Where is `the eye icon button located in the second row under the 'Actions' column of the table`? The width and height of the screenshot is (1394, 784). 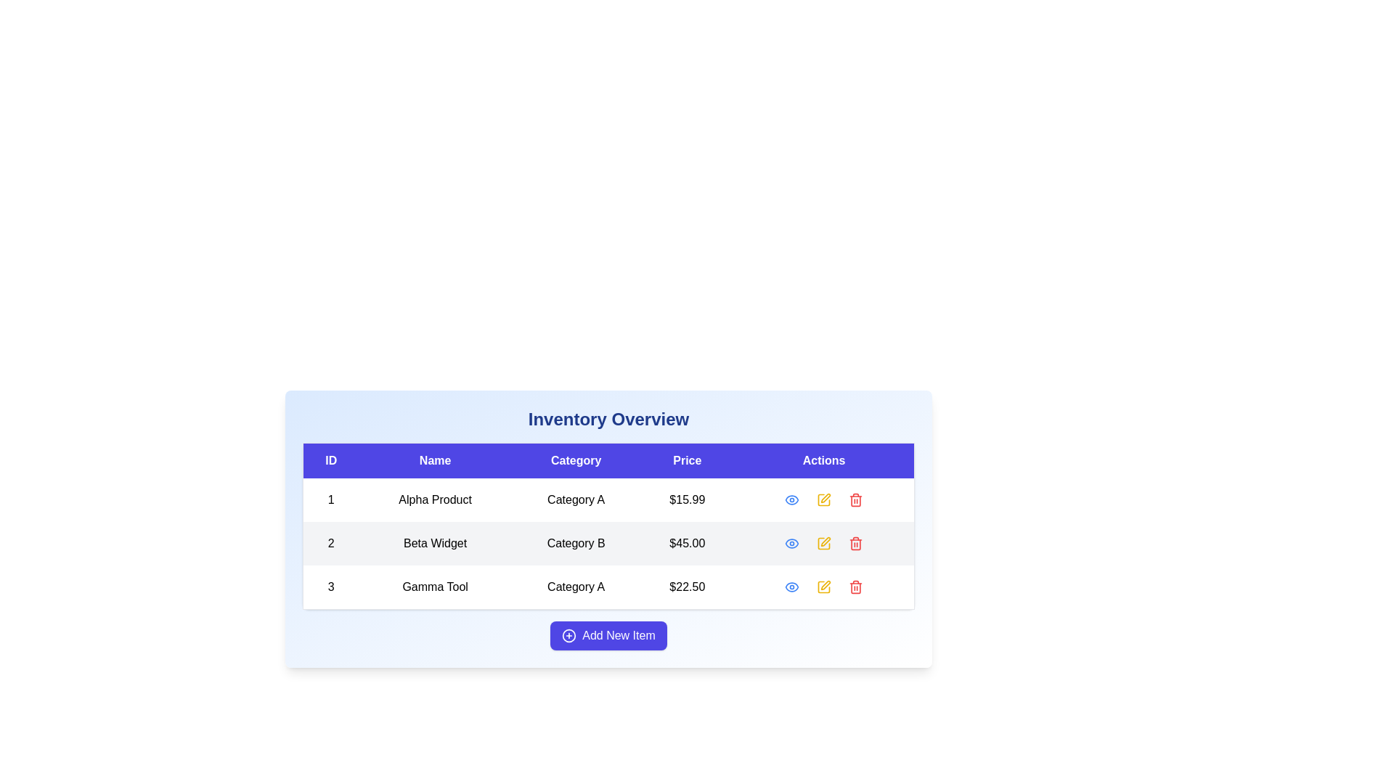 the eye icon button located in the second row under the 'Actions' column of the table is located at coordinates (791, 543).